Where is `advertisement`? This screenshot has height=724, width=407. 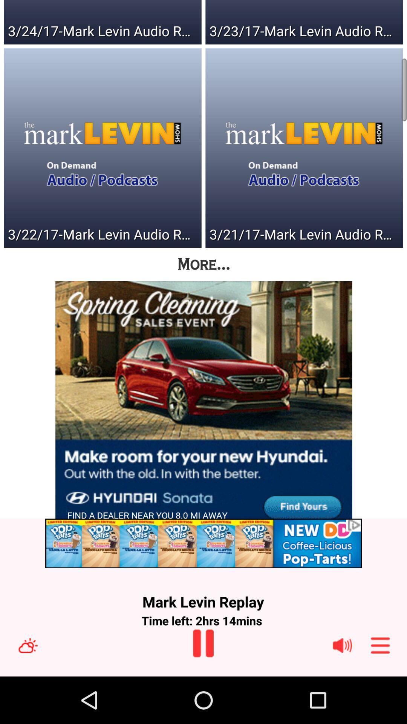 advertisement is located at coordinates (203, 543).